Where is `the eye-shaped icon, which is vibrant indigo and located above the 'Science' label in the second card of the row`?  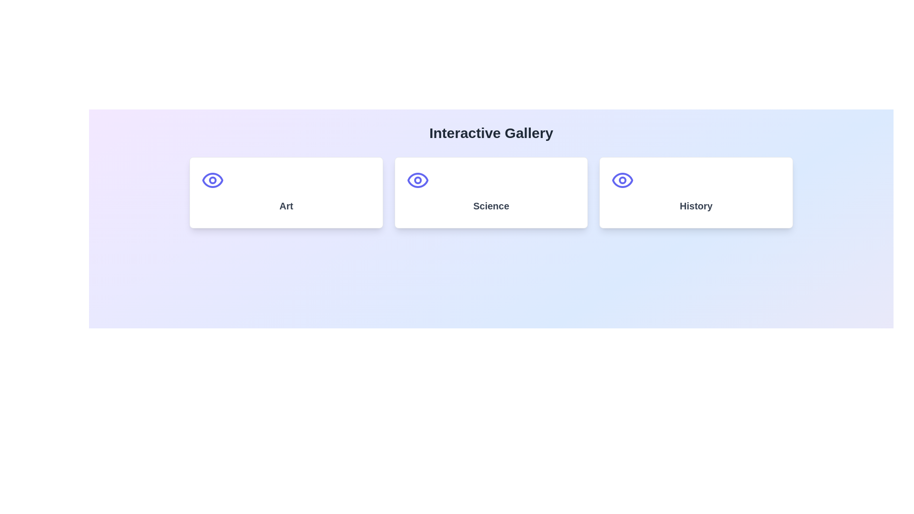 the eye-shaped icon, which is vibrant indigo and located above the 'Science' label in the second card of the row is located at coordinates (417, 180).